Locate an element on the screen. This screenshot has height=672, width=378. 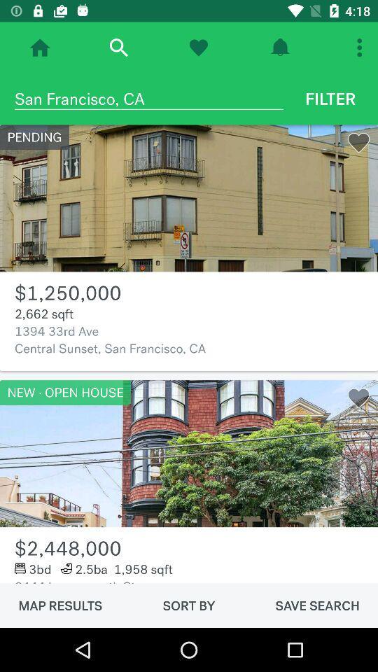
turn on notifications is located at coordinates (280, 48).